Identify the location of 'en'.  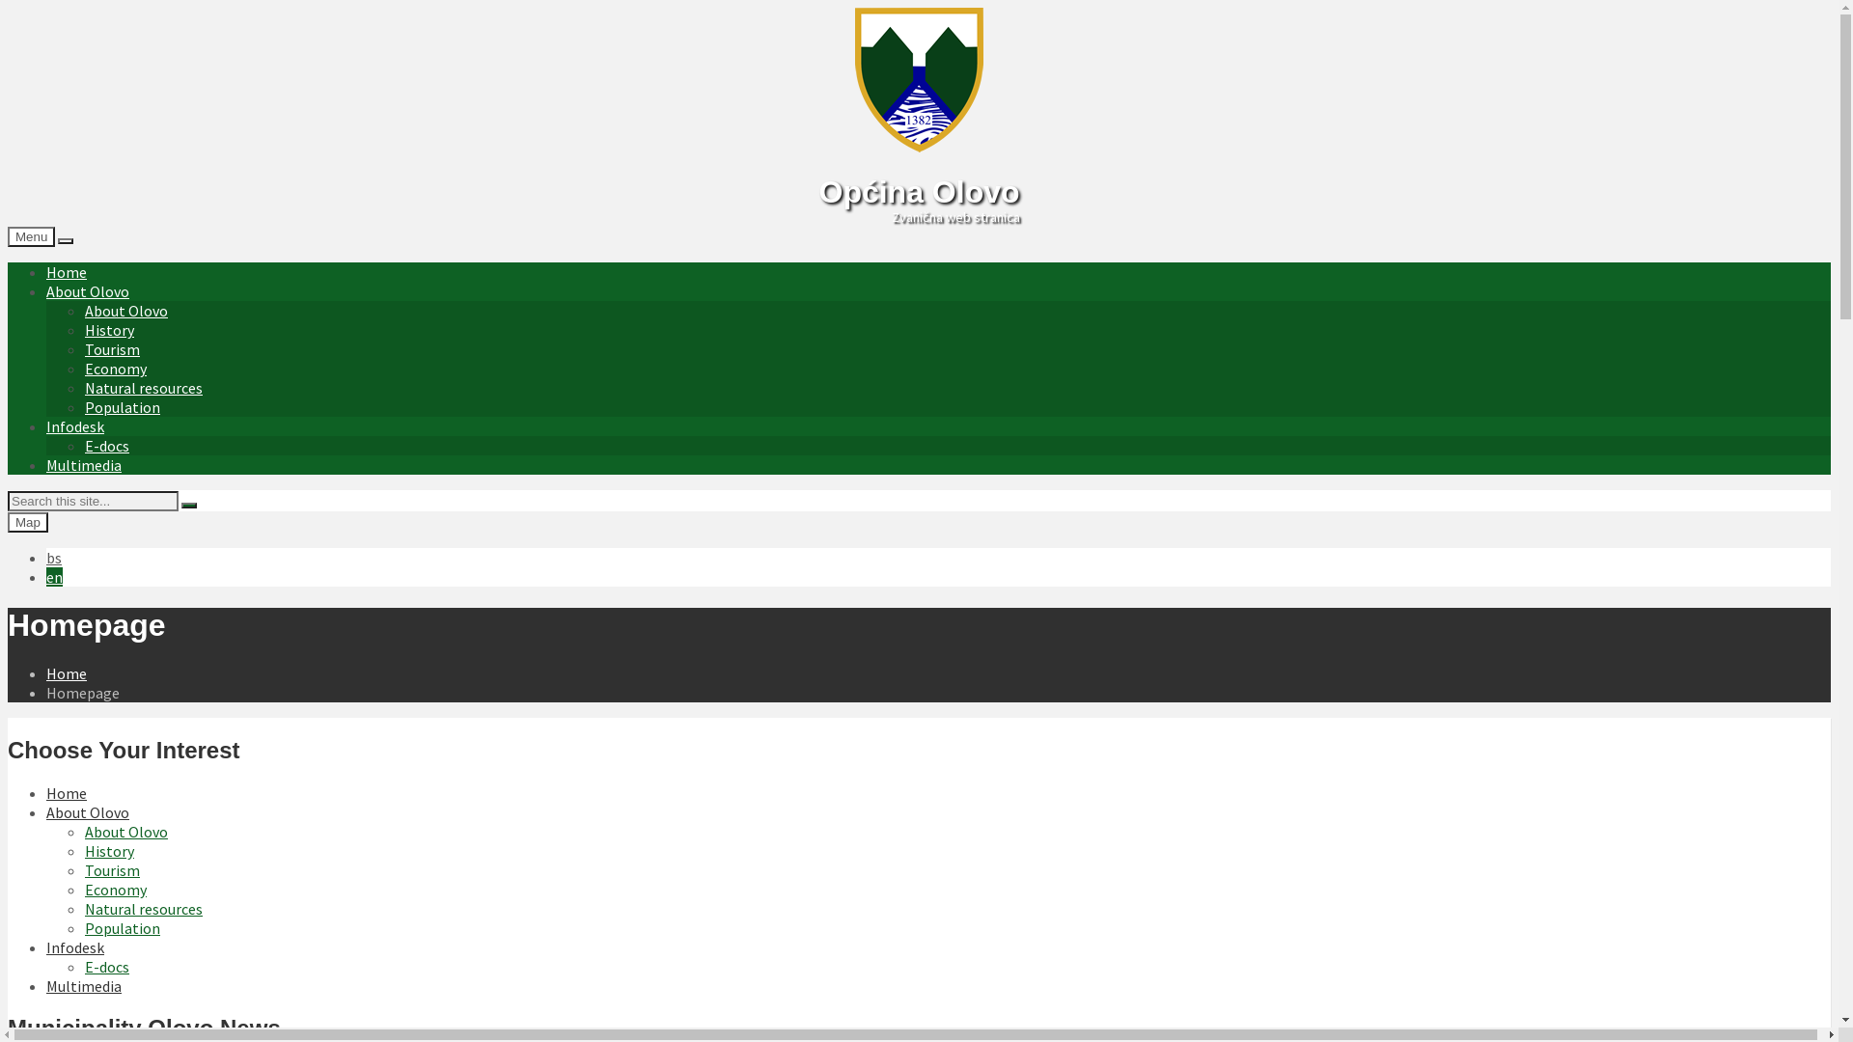
(54, 575).